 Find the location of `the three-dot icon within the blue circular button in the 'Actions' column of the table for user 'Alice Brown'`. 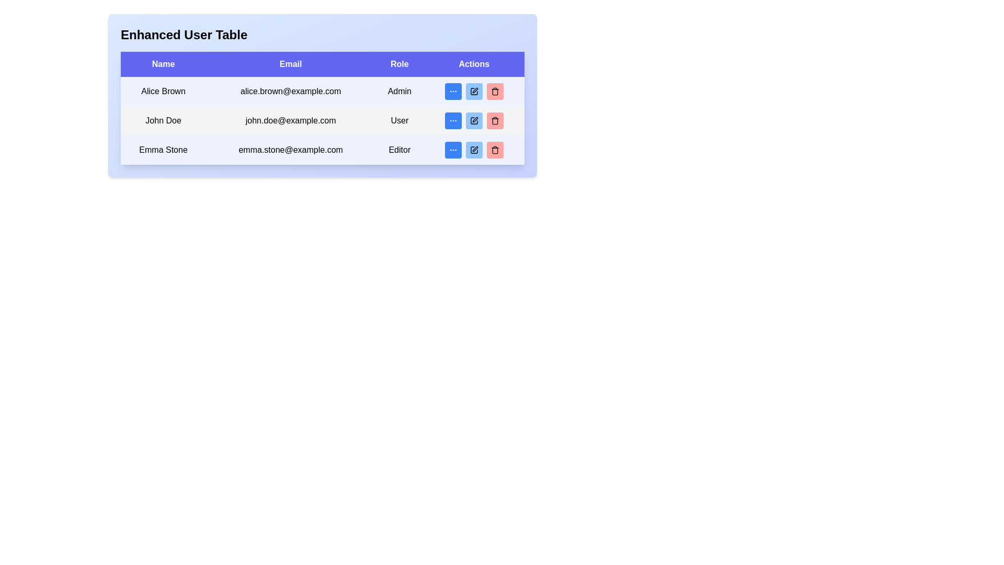

the three-dot icon within the blue circular button in the 'Actions' column of the table for user 'Alice Brown' is located at coordinates (453, 91).